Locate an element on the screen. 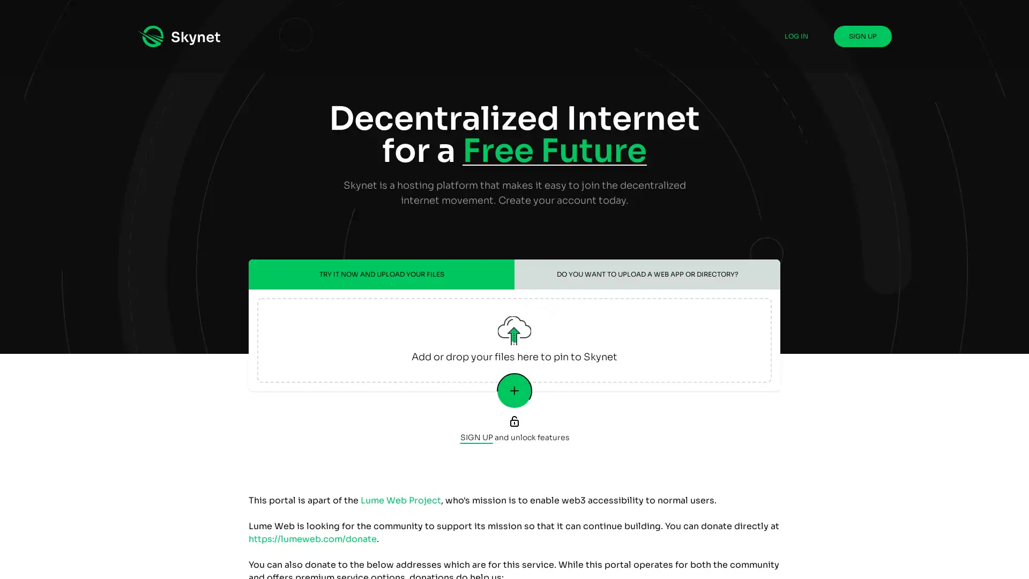 The width and height of the screenshot is (1029, 579). DO YOU WANT TO UPLOAD A WEB APP OR DIRECTORY? is located at coordinates (647, 274).